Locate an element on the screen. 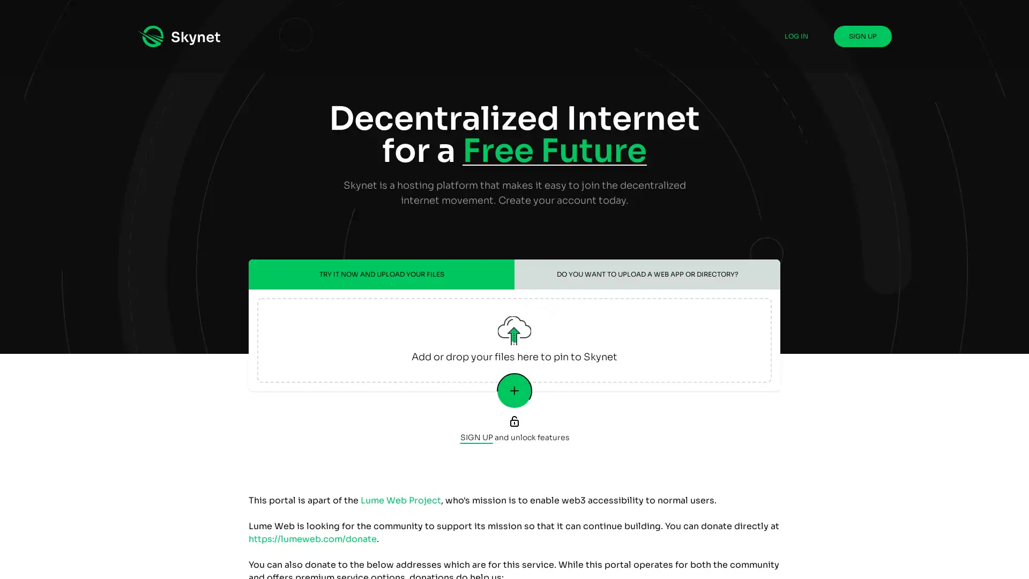 The width and height of the screenshot is (1029, 579). DO YOU WANT TO UPLOAD A WEB APP OR DIRECTORY? is located at coordinates (647, 274).